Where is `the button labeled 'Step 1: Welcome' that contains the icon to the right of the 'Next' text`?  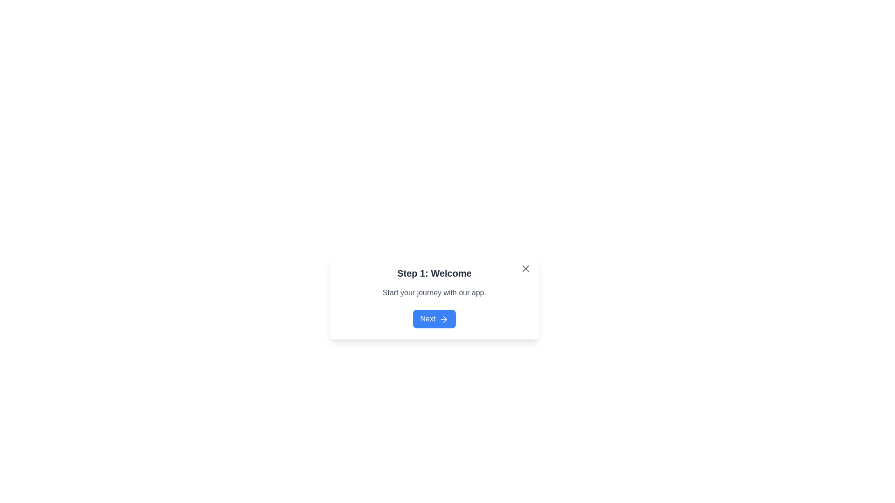
the button labeled 'Step 1: Welcome' that contains the icon to the right of the 'Next' text is located at coordinates (445, 319).